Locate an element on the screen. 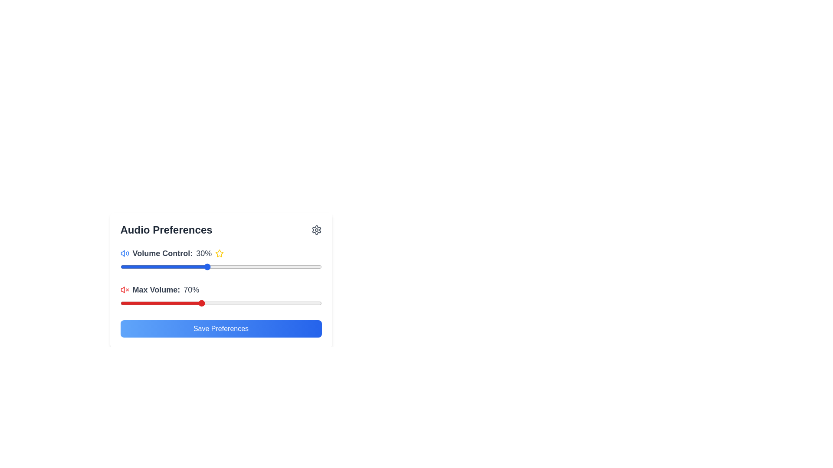  the max volume is located at coordinates (120, 302).